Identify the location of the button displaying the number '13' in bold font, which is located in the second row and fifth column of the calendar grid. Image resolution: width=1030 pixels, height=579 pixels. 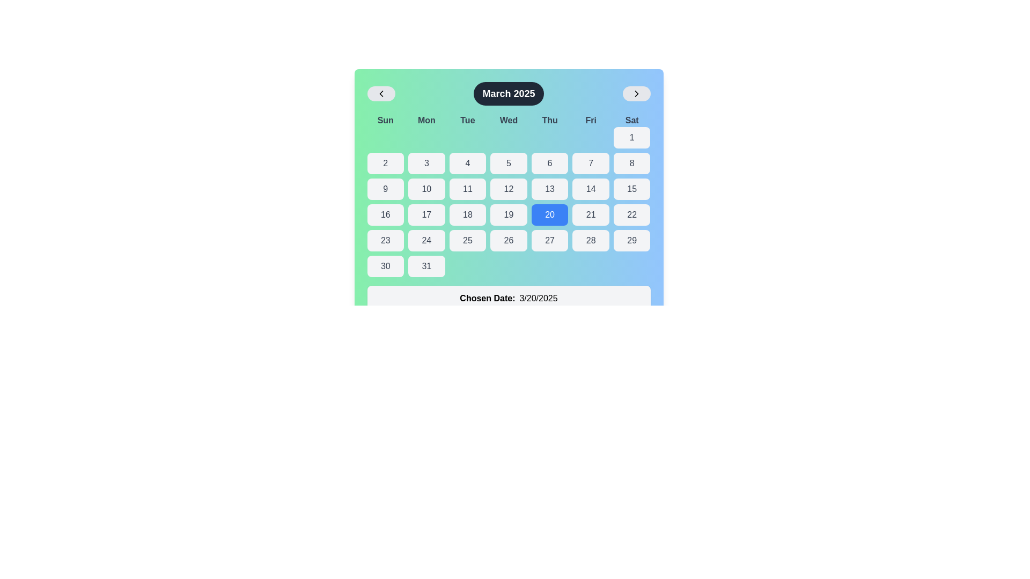
(550, 189).